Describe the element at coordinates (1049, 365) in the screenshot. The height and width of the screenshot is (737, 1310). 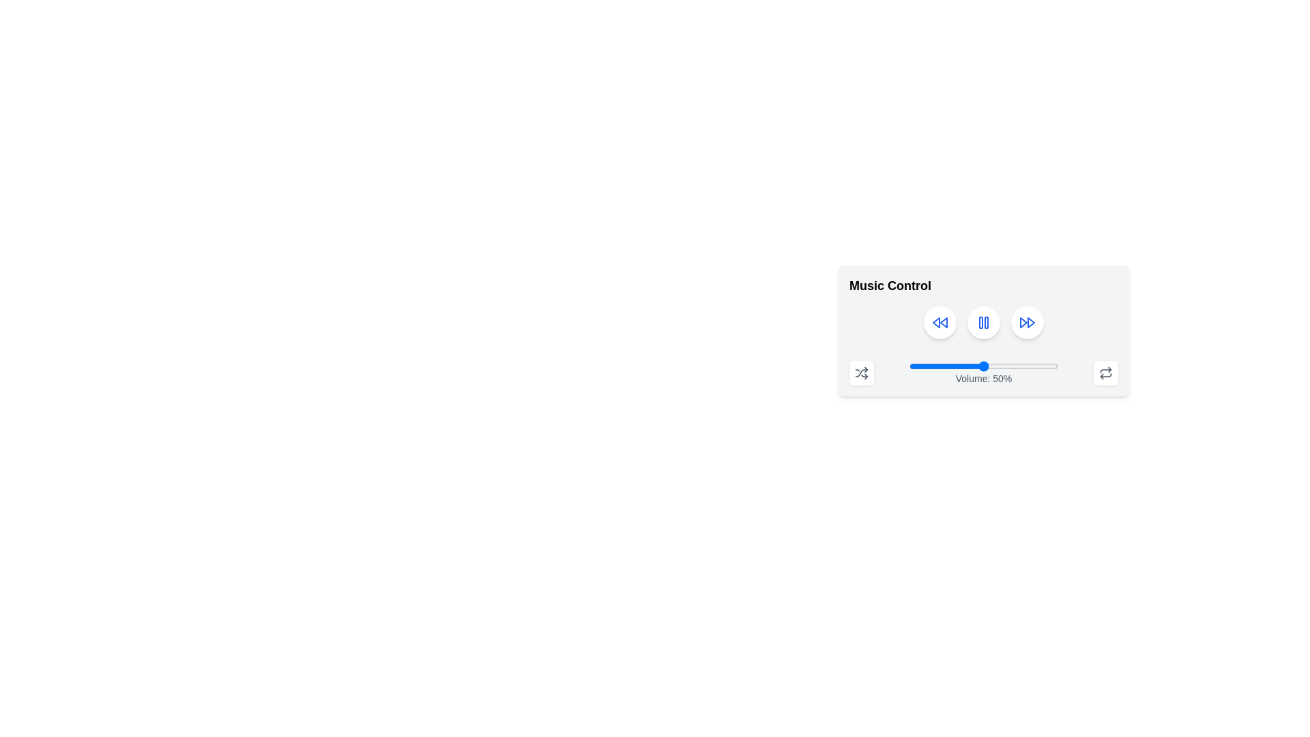
I see `the volume` at that location.